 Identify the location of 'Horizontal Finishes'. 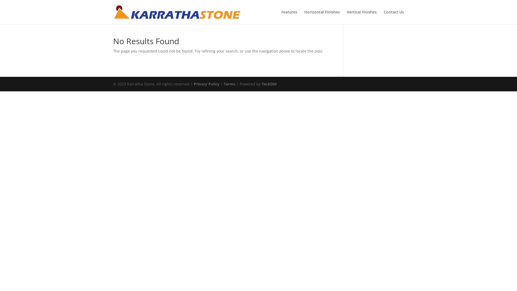
(304, 17).